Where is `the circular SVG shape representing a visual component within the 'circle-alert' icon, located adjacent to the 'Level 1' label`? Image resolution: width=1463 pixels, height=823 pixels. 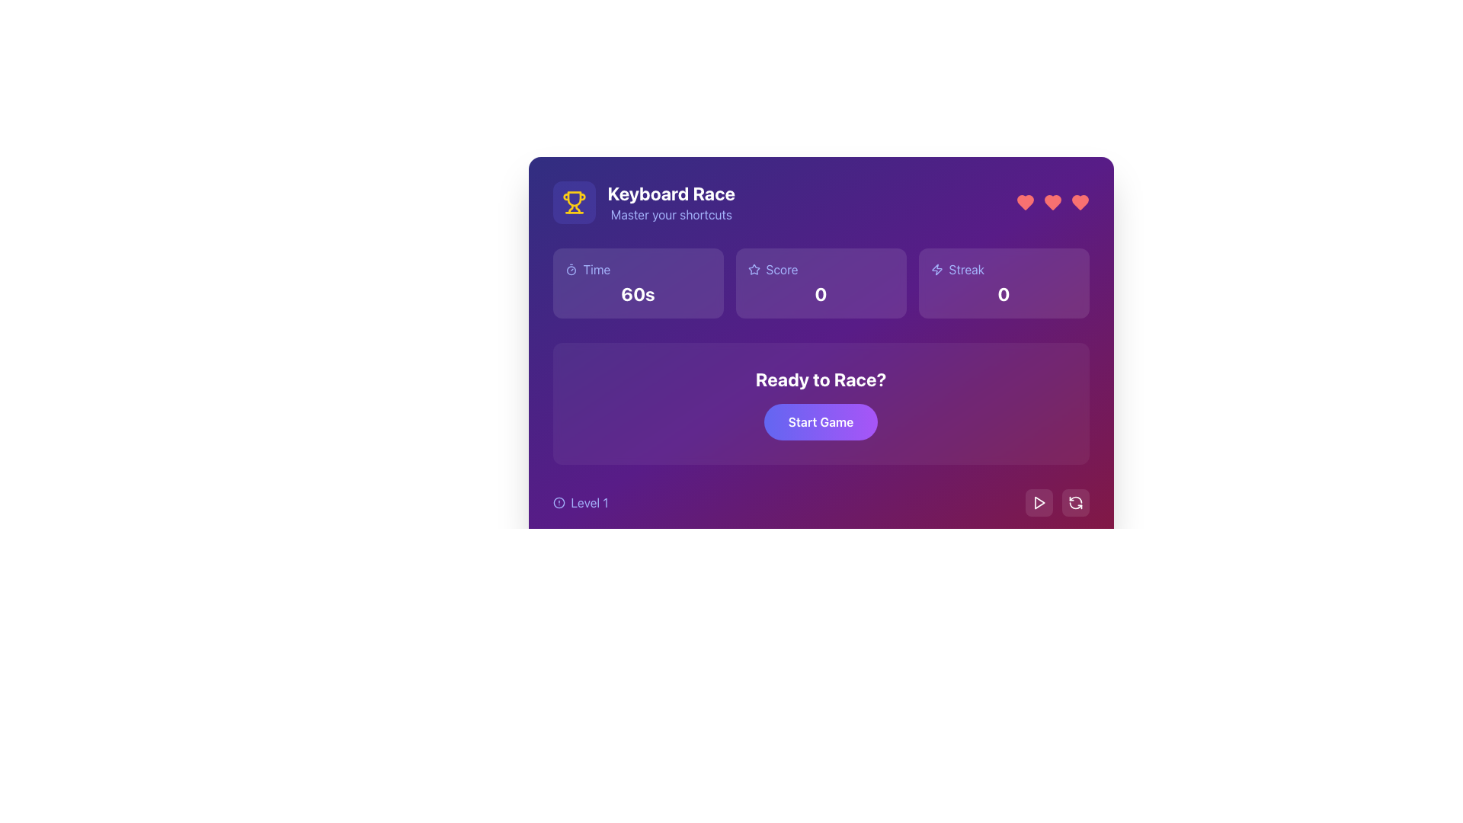 the circular SVG shape representing a visual component within the 'circle-alert' icon, located adjacent to the 'Level 1' label is located at coordinates (558, 502).